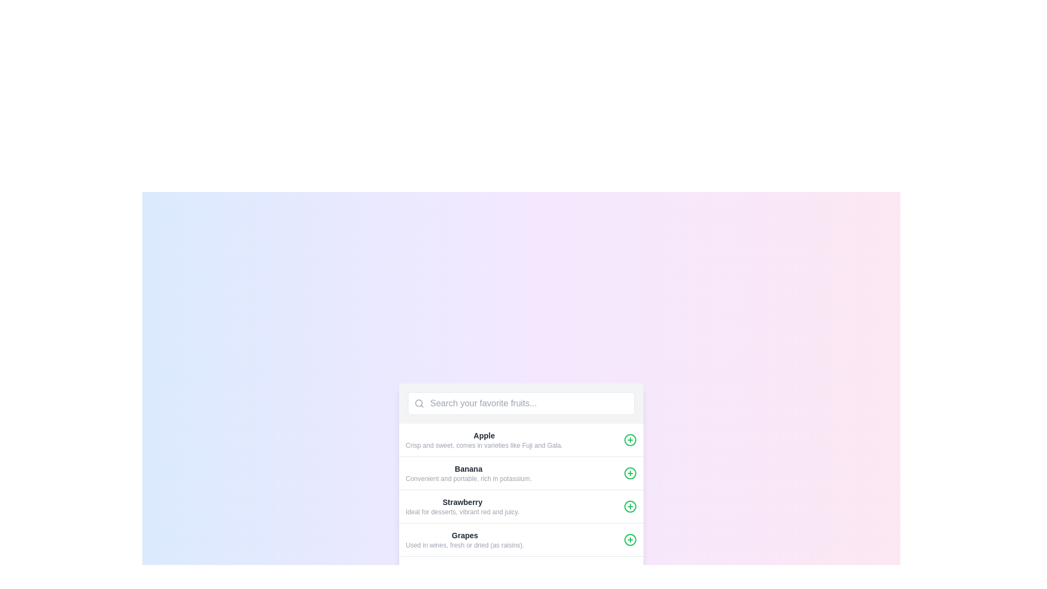  What do you see at coordinates (520, 439) in the screenshot?
I see `the first list item representing an apple to read its description and learn more about the item` at bounding box center [520, 439].